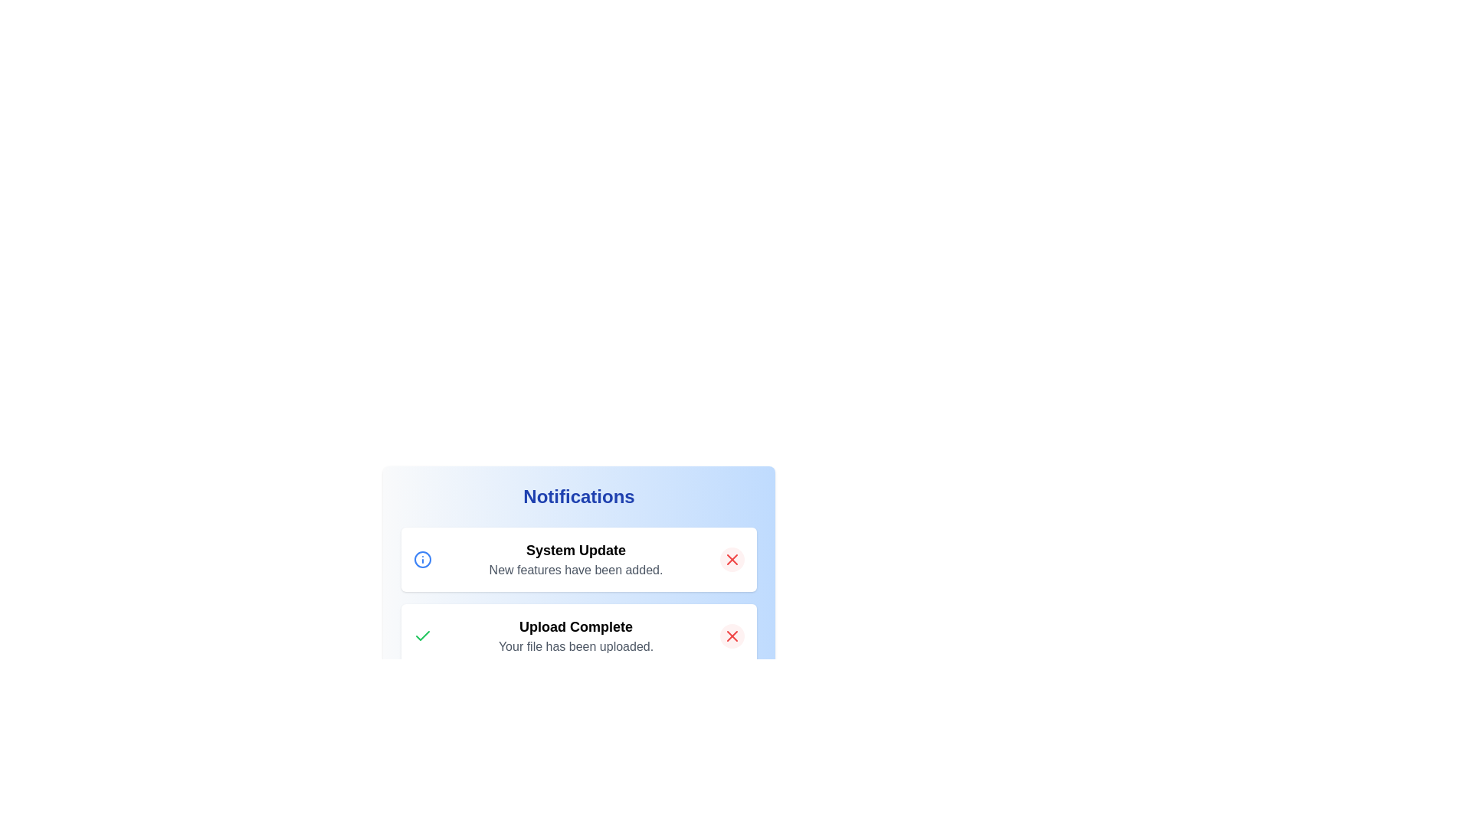  Describe the element at coordinates (731, 560) in the screenshot. I see `the close icon button located at the top-right corner of the first notification card, which is a red circular button` at that location.